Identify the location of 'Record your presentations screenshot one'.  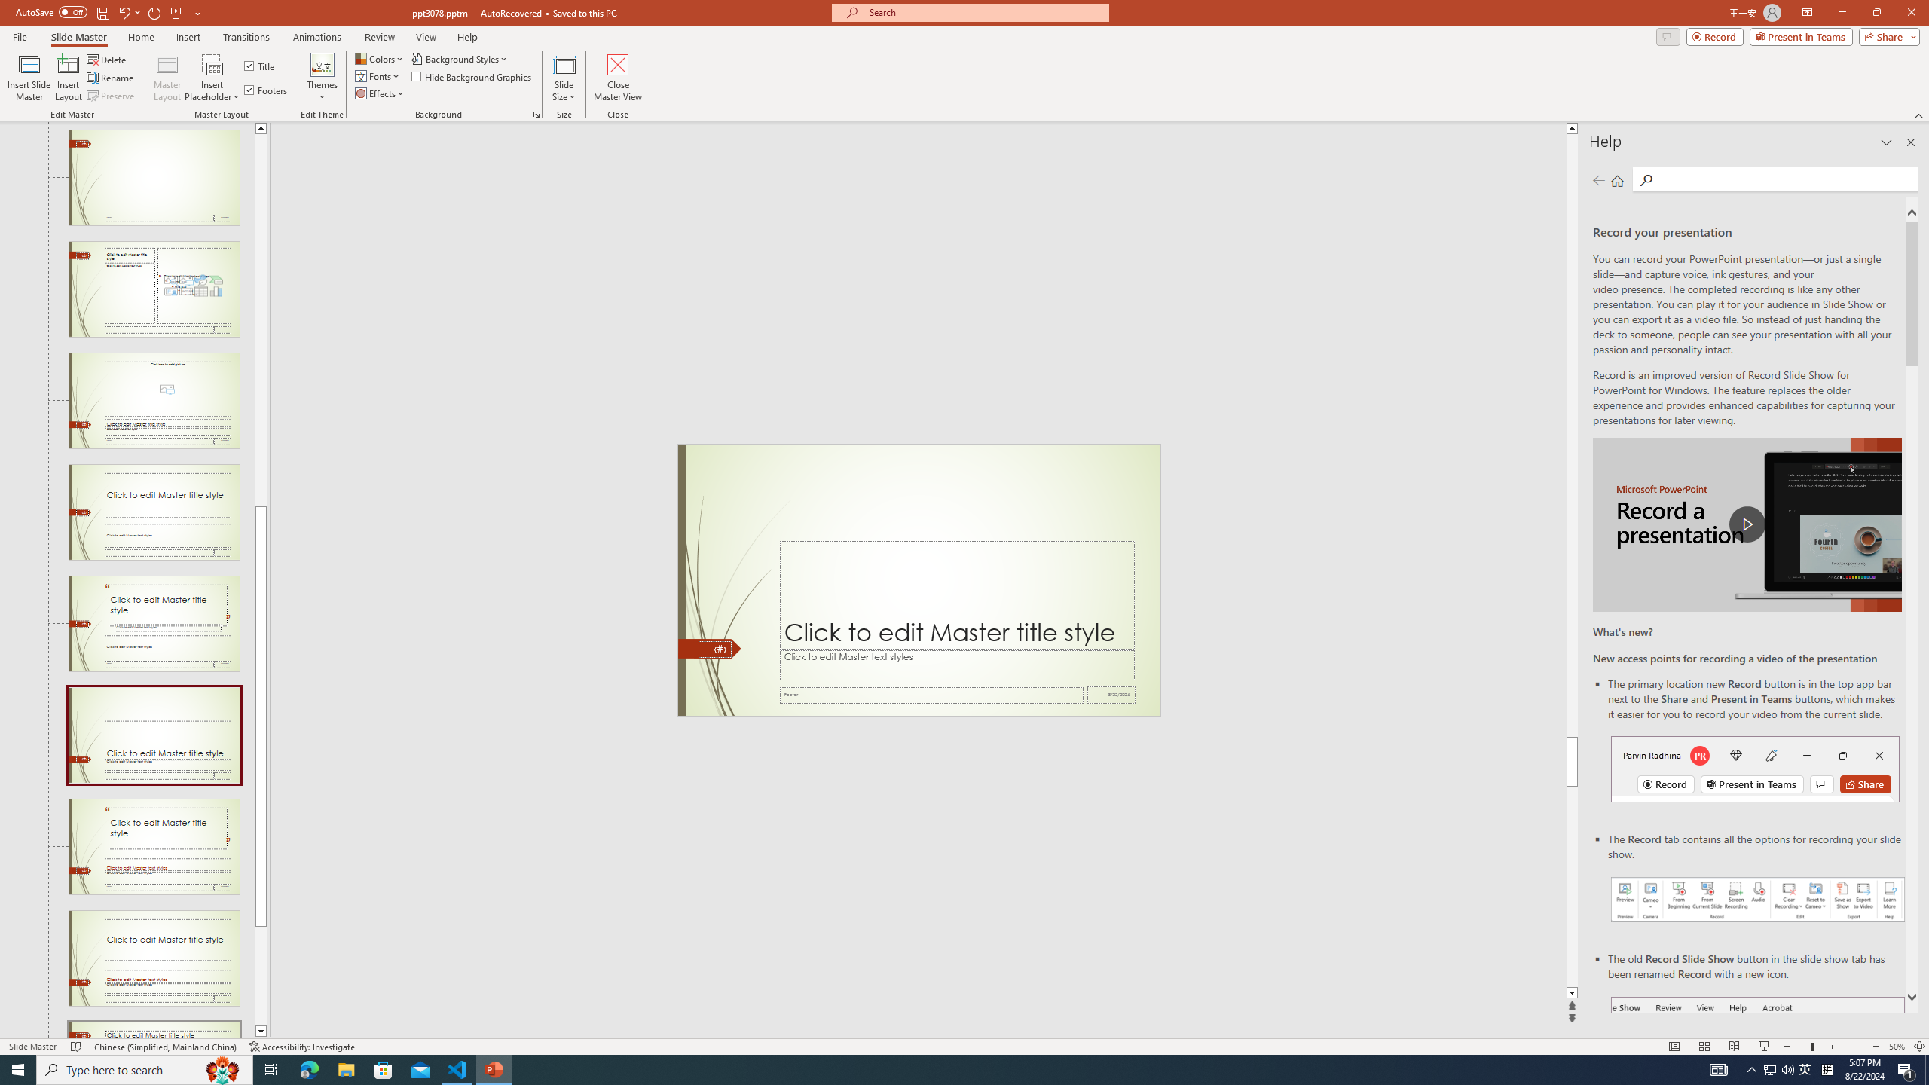
(1757, 898).